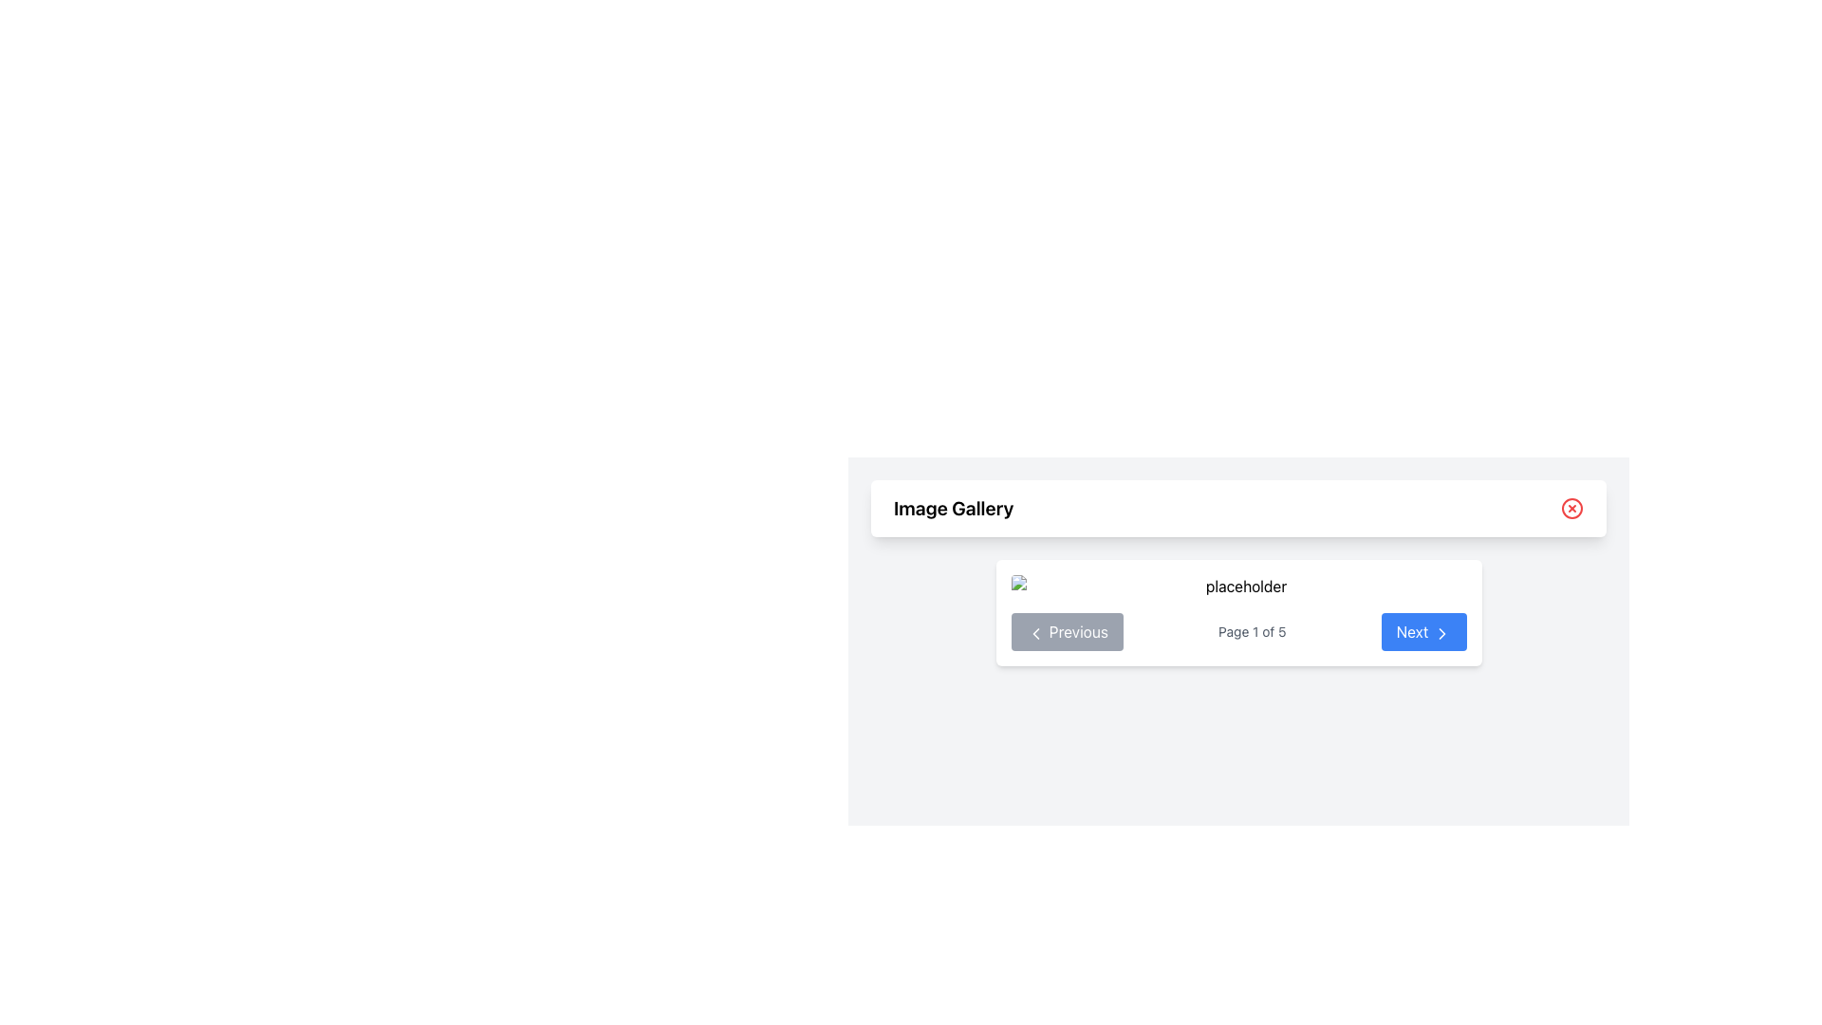 The image size is (1822, 1025). Describe the element at coordinates (1067, 632) in the screenshot. I see `the navigational button located in the bottom-left corner of the navigation bar` at that location.